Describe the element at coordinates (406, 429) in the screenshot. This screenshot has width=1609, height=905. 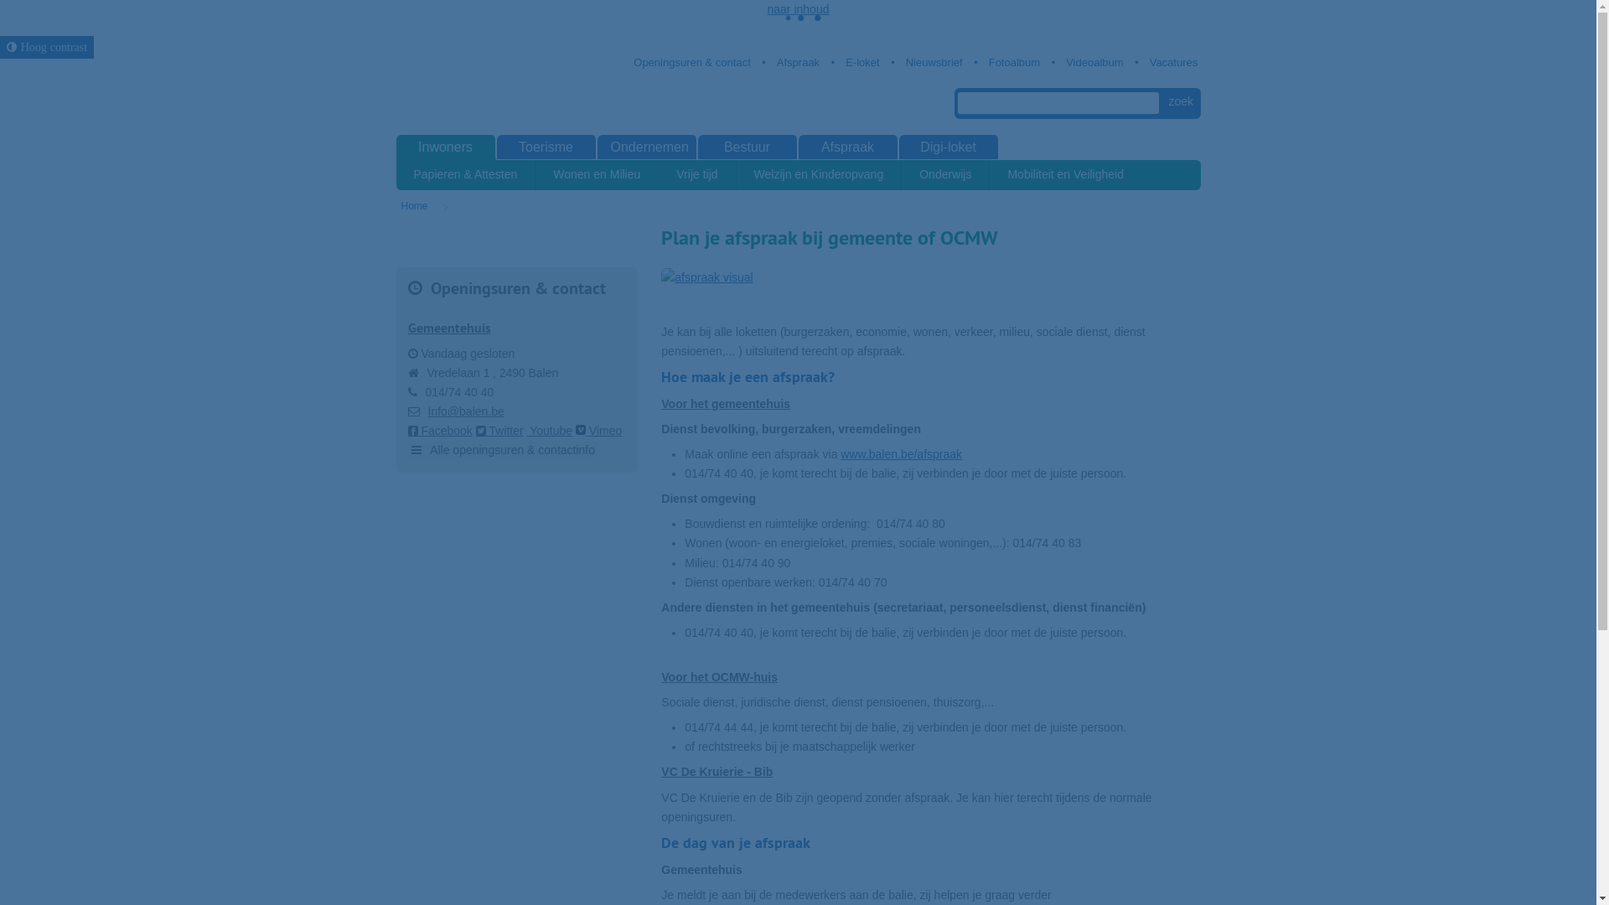
I see `'Facebook'` at that location.